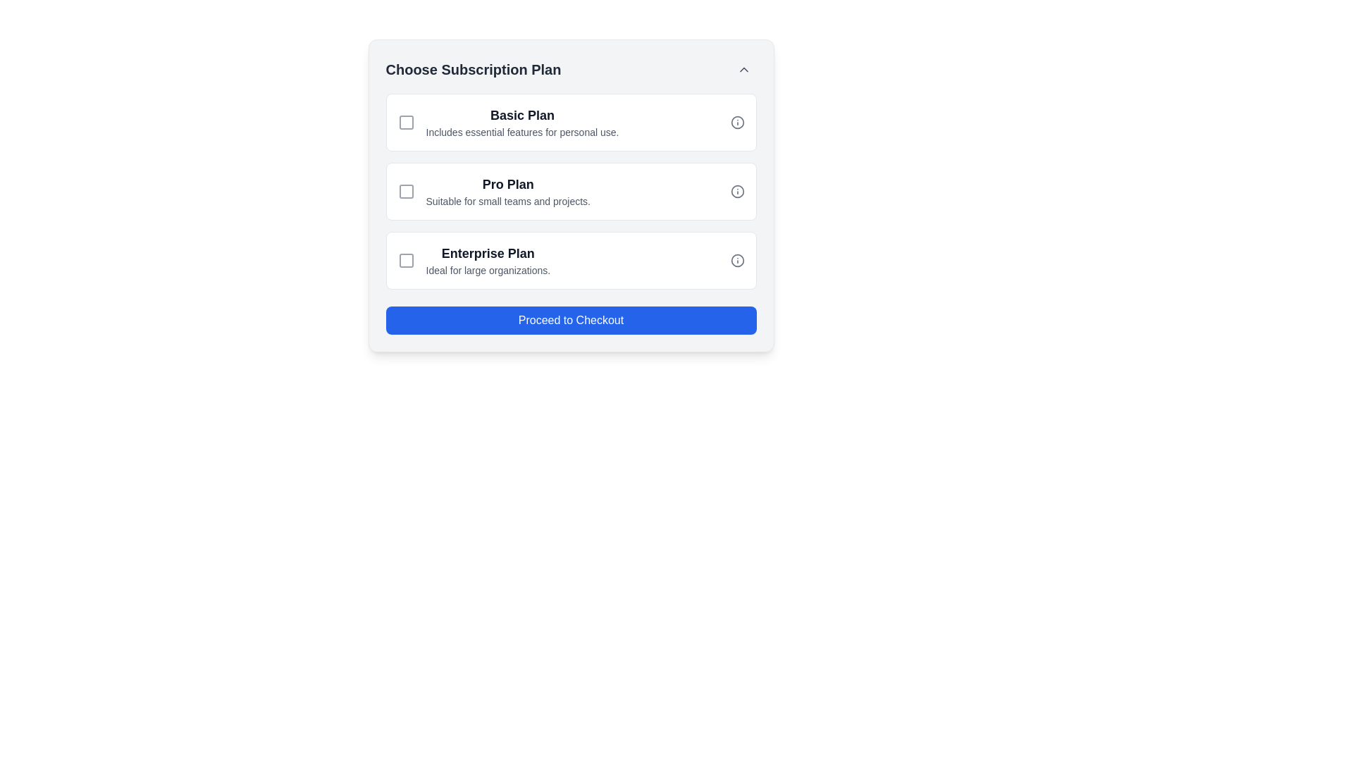 The image size is (1353, 761). I want to click on text label that displays 'Includes essential features for personal use.' located below the 'Basic Plan' header in the subscription plan selection cards, so click(521, 132).